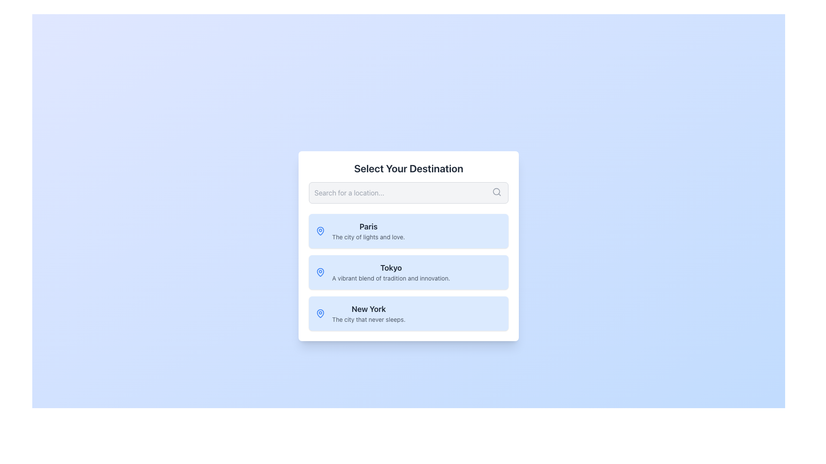 Image resolution: width=826 pixels, height=464 pixels. I want to click on the text label displaying 'The city that never sleeps.' which is styled in a smaller-sized, gray-colored font and located beneath the text 'New York.', so click(369, 320).